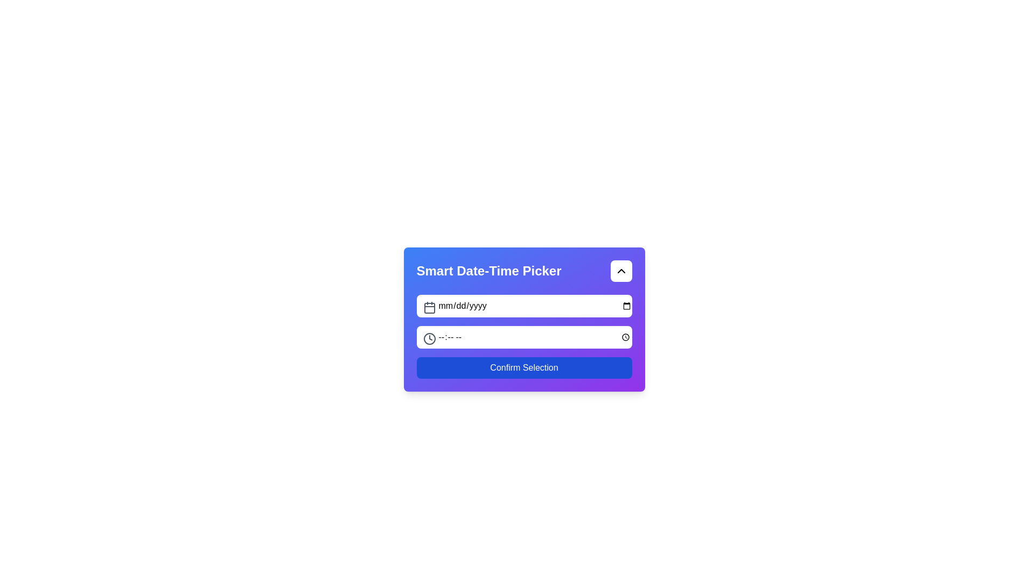  What do you see at coordinates (524, 353) in the screenshot?
I see `the 'Confirm Selection' button in the Popup Dialog to confirm the selected date and time` at bounding box center [524, 353].